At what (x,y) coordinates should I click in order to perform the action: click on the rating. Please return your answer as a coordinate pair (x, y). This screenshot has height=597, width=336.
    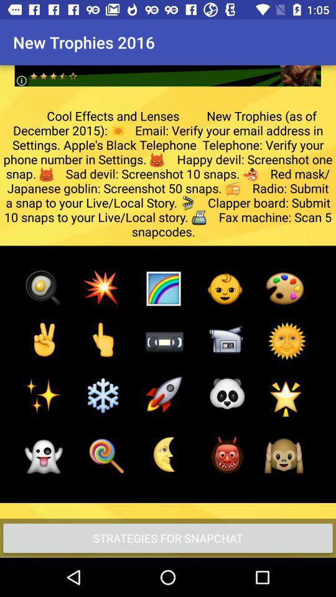
    Looking at the image, I should click on (167, 66).